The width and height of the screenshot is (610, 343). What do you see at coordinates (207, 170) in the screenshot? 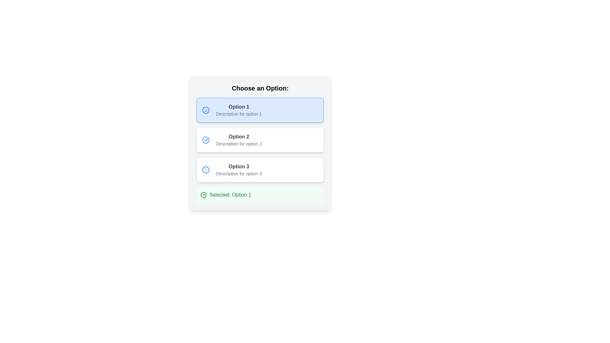
I see `the Informational icon located at the top left corner of the 'Option 3' section` at bounding box center [207, 170].